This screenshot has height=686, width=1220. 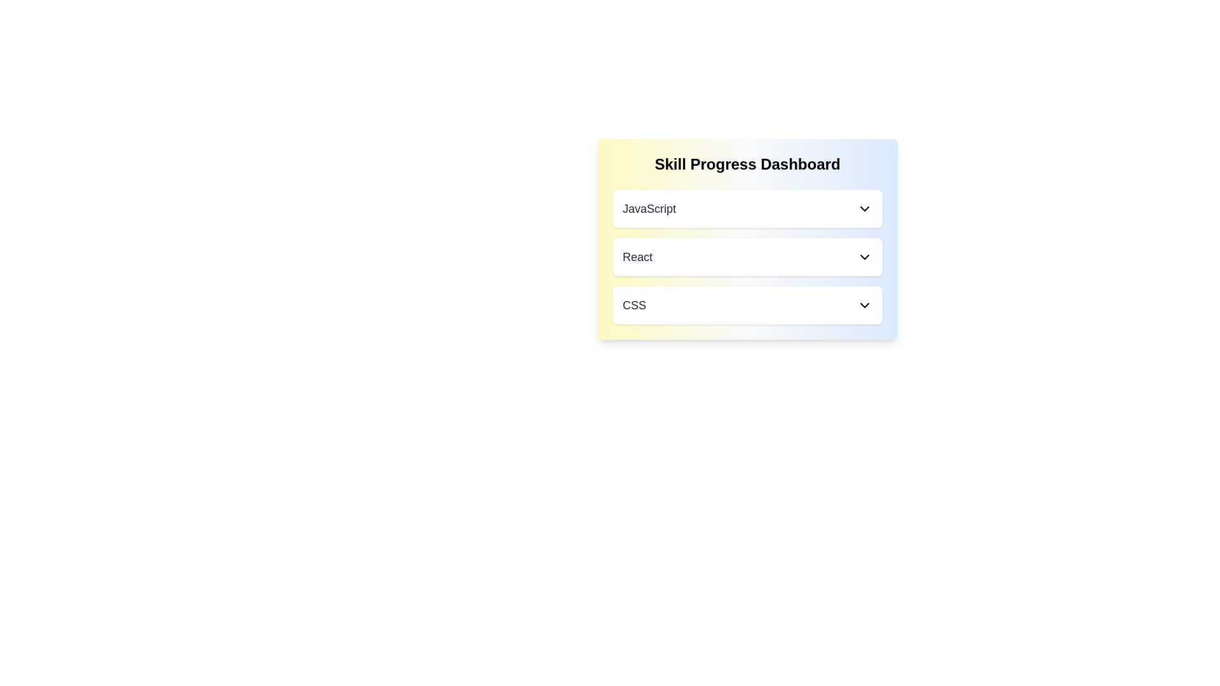 I want to click on the downward-pointing chevron icon adjacent to the text 'React' in the dropdown field of the 'Skill Progress Dashboard' interface to interact programmatically, so click(x=864, y=257).